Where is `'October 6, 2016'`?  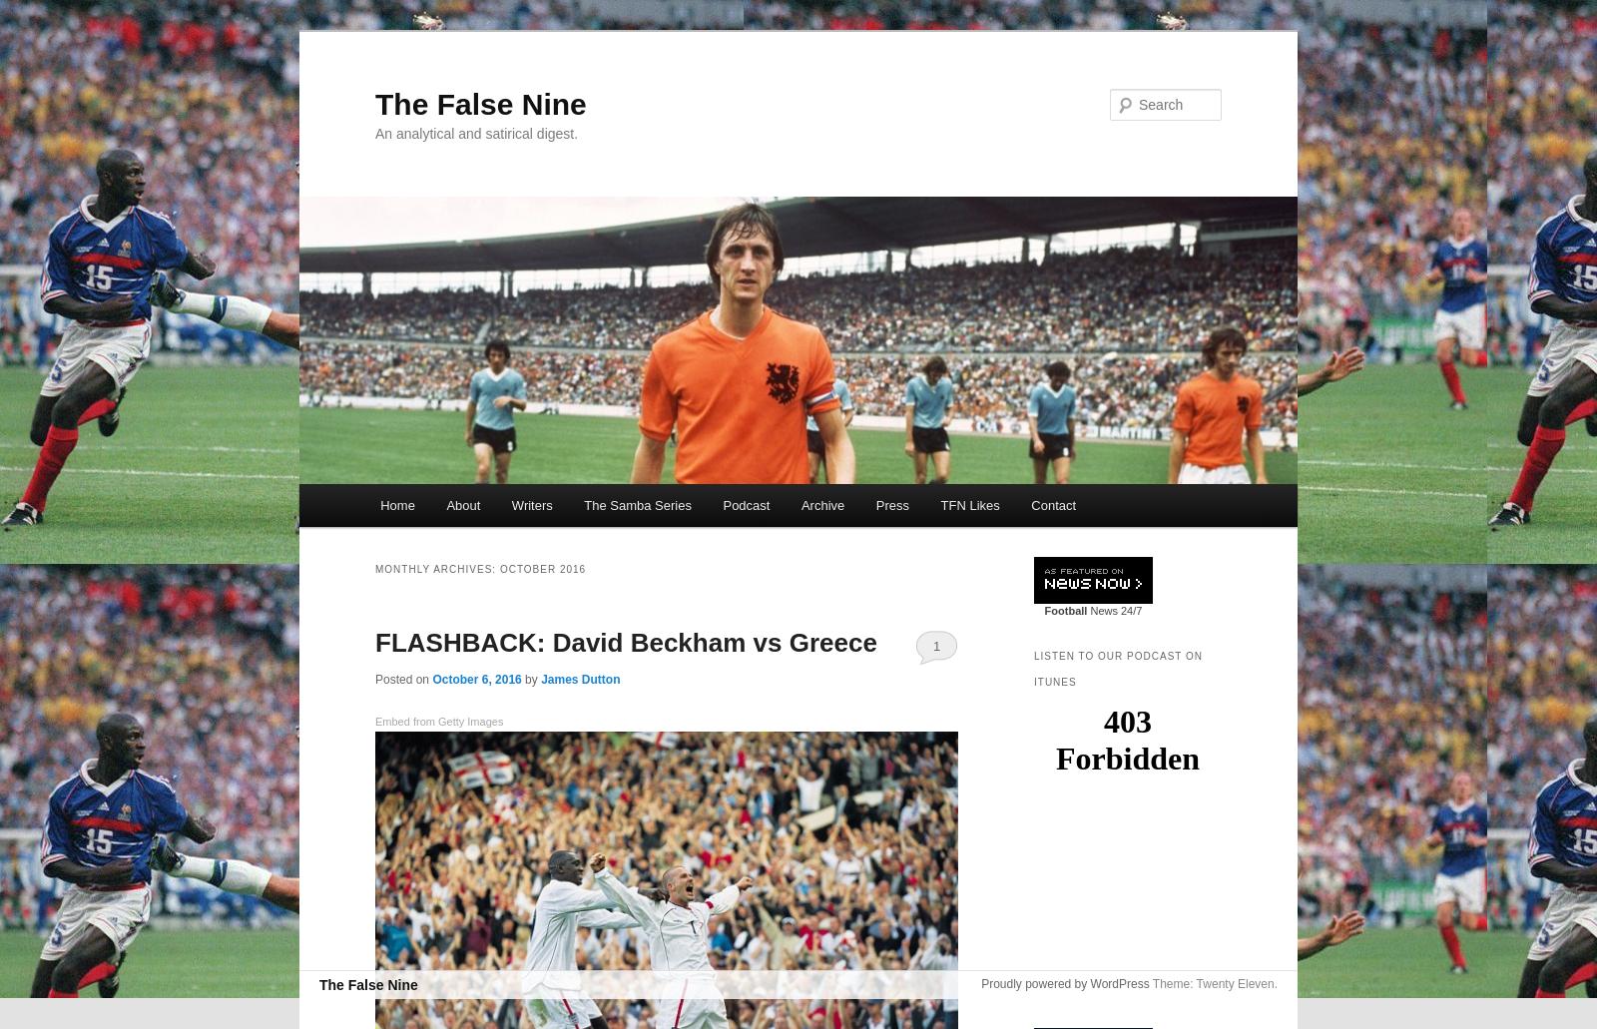
'October 6, 2016' is located at coordinates (475, 679).